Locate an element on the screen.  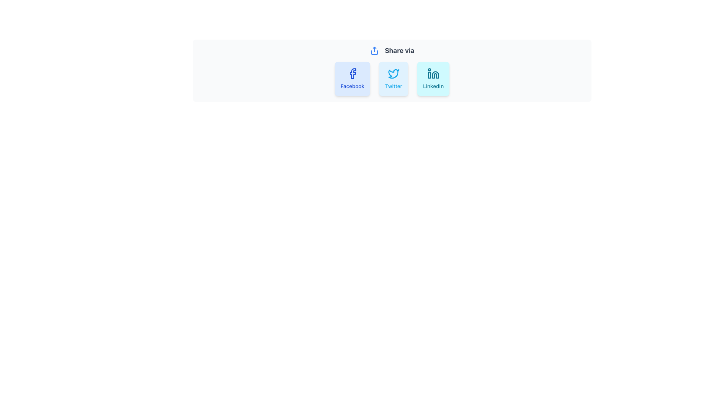
the Twitter share button, which is located in the middle of a group of three buttons is located at coordinates (393, 79).